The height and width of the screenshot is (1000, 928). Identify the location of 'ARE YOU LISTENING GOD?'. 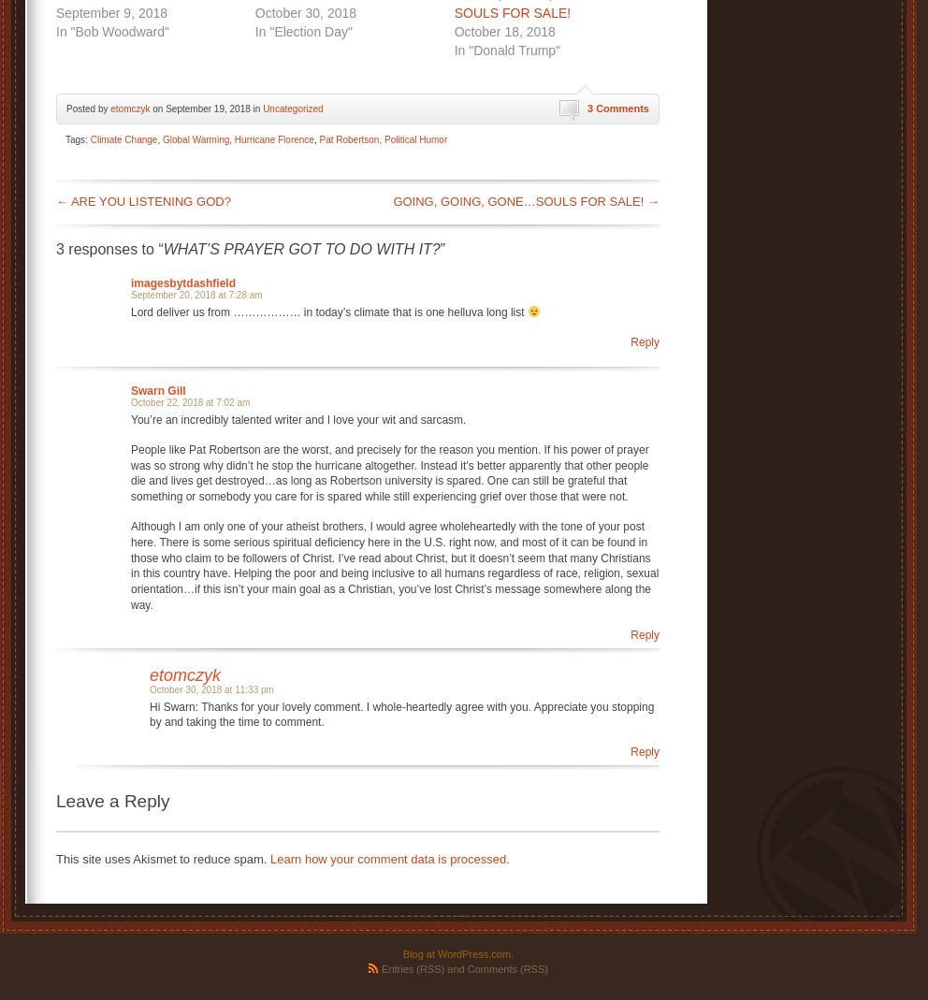
(149, 199).